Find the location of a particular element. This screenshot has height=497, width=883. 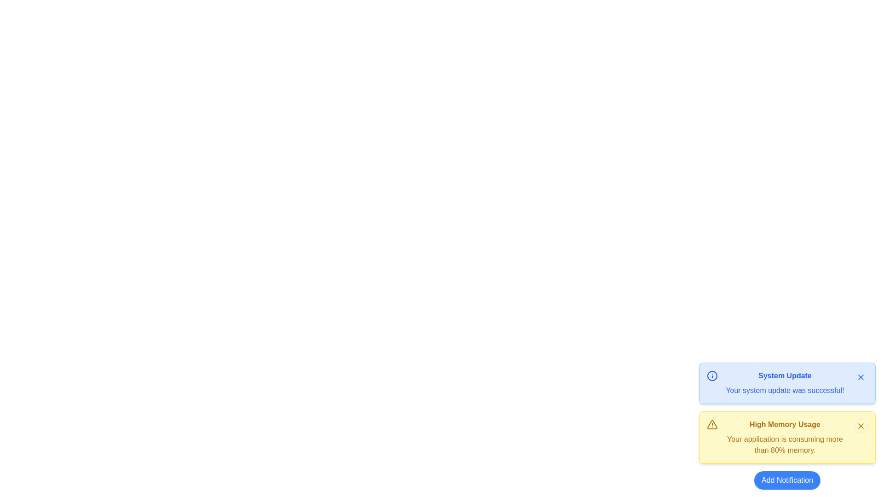

the dismiss button located at the top right corner of the yellow notification card displaying 'High Memory Usage' is located at coordinates (860, 426).